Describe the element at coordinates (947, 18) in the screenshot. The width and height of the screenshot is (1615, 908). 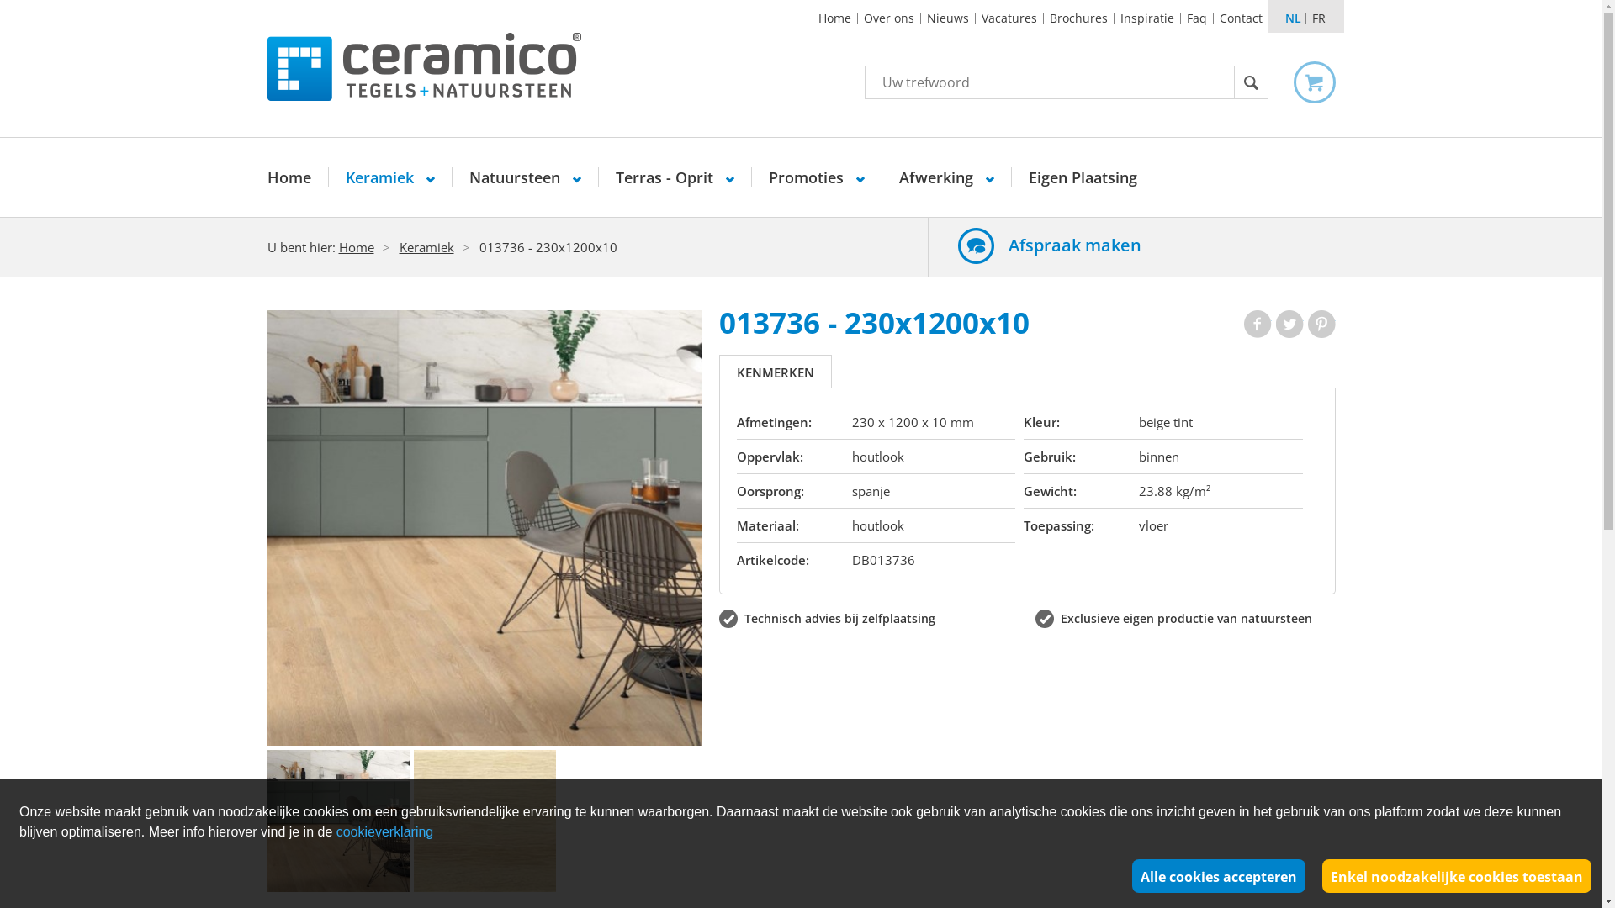
I see `'Nieuws'` at that location.